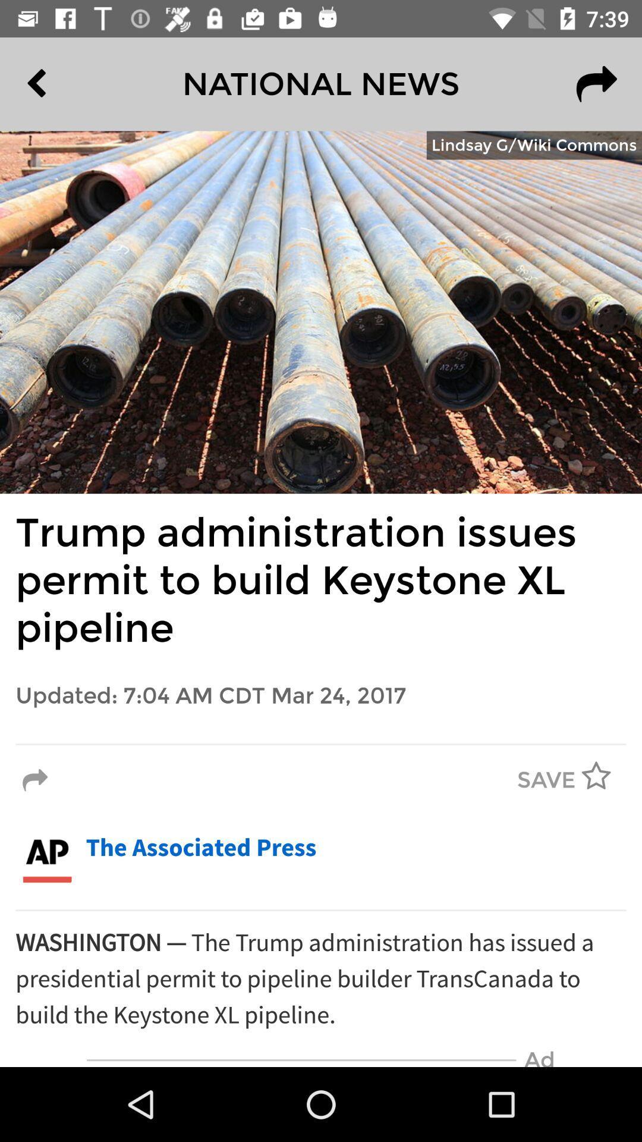  Describe the element at coordinates (533, 145) in the screenshot. I see `icon above trump administration issues icon` at that location.